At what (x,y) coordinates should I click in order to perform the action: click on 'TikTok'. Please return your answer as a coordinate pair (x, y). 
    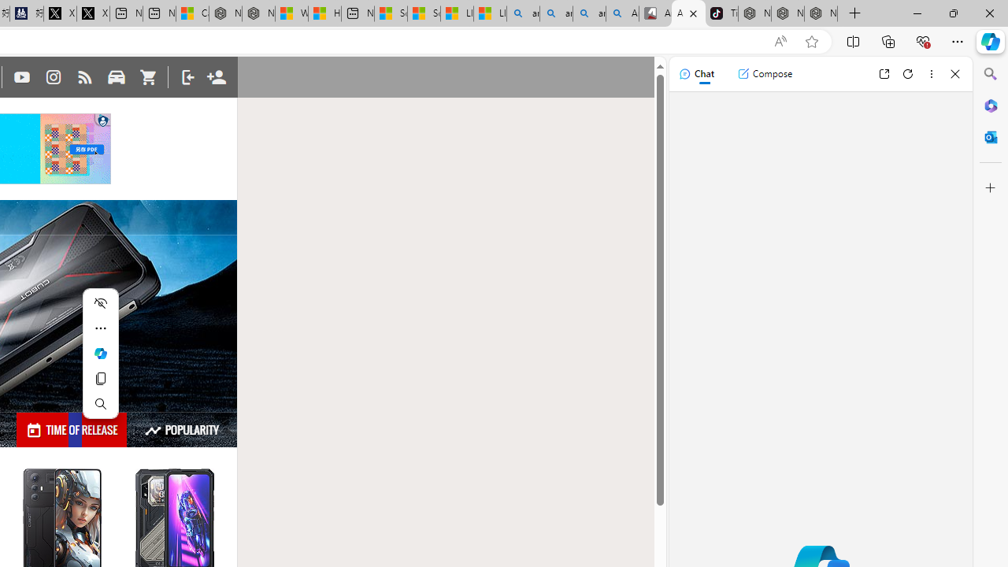
    Looking at the image, I should click on (721, 13).